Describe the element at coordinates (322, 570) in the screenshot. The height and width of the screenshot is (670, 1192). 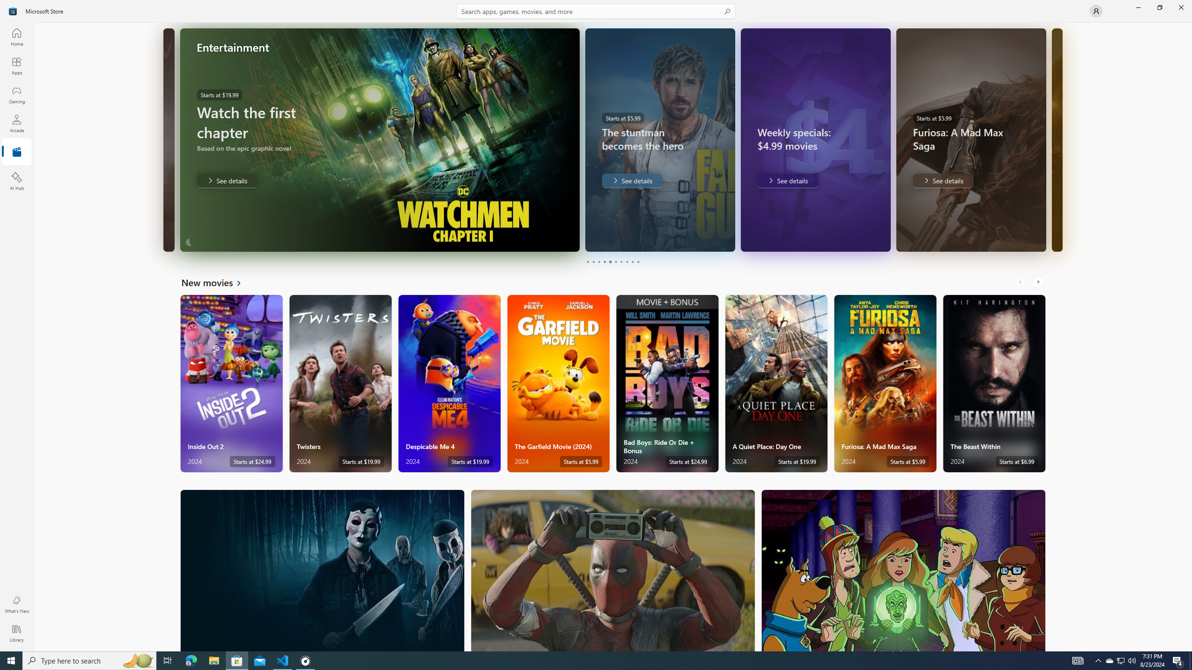
I see `'Horror'` at that location.